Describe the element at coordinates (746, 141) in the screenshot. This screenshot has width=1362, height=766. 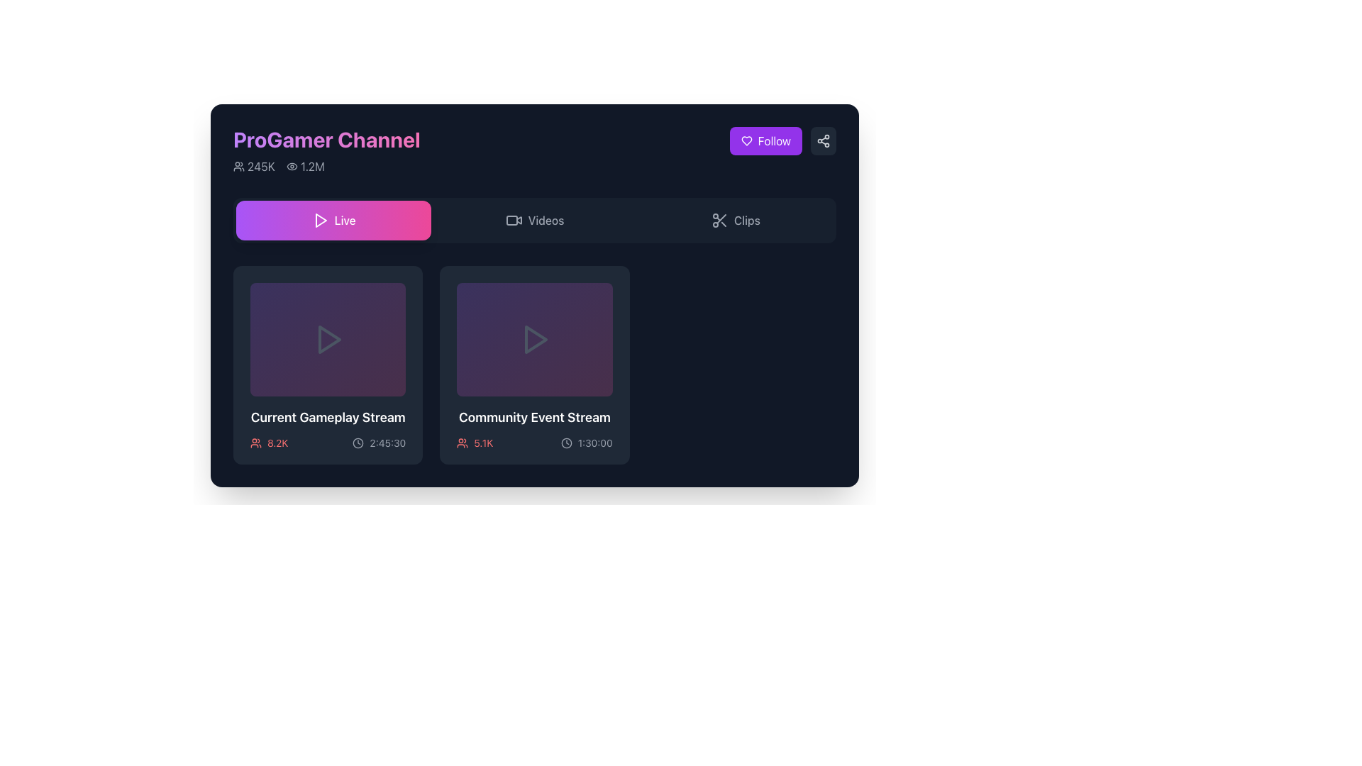
I see `the heart-shaped vector graphic icon filled with a purple gradient located within the 'Follow' button at the top-right corner of the interface` at that location.